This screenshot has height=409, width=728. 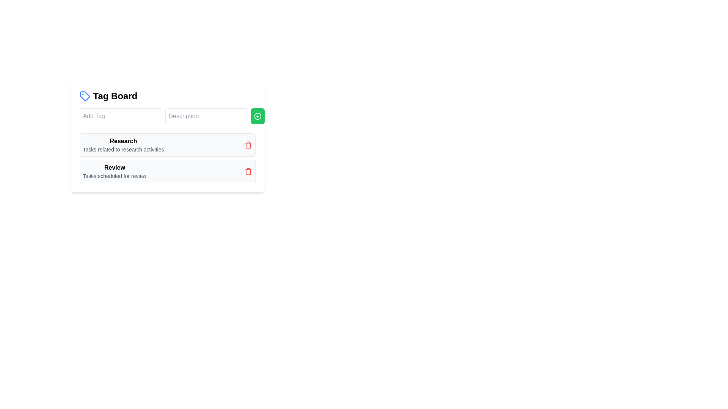 What do you see at coordinates (114, 167) in the screenshot?
I see `the 'Review' text label, which is styled prominently as a header under the 'Research' section in the 'Tag Board.'` at bounding box center [114, 167].